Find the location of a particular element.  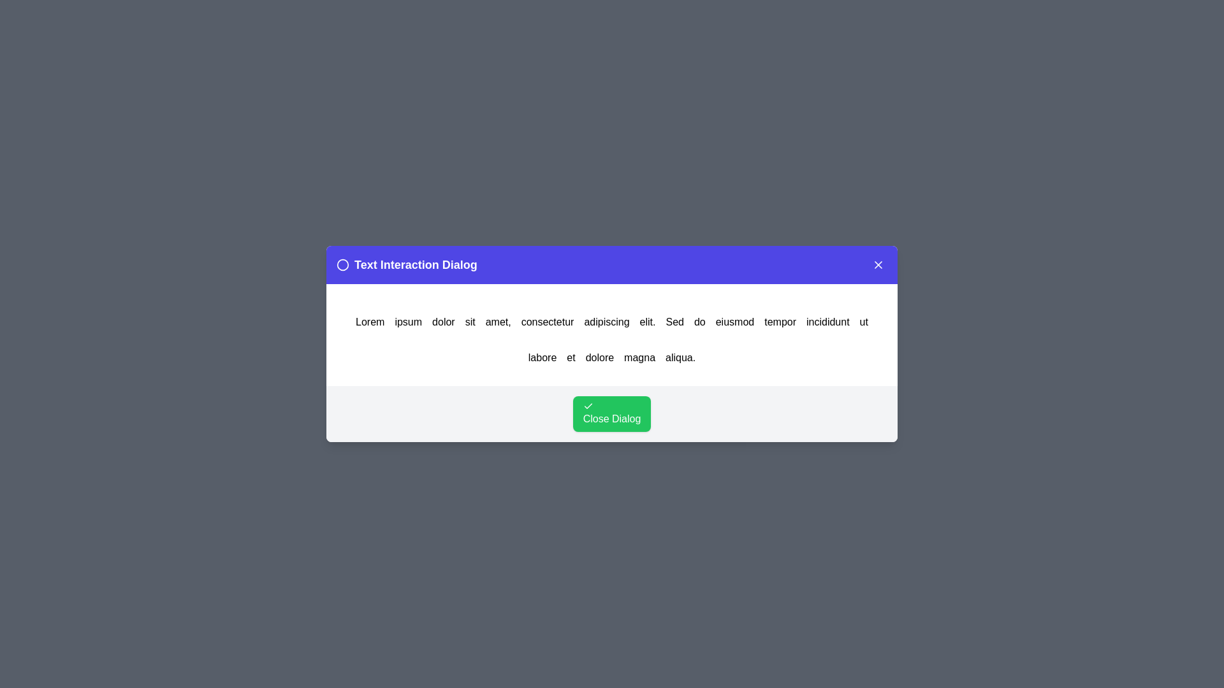

the 'Close Dialog' button to close the dialog is located at coordinates (612, 414).